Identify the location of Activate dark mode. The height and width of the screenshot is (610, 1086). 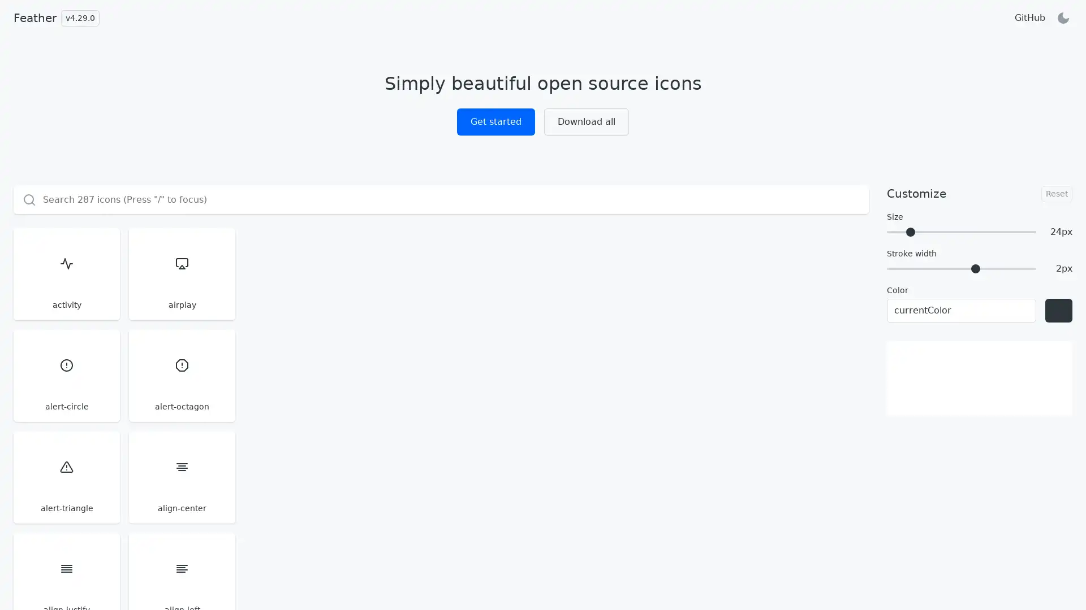
(1063, 18).